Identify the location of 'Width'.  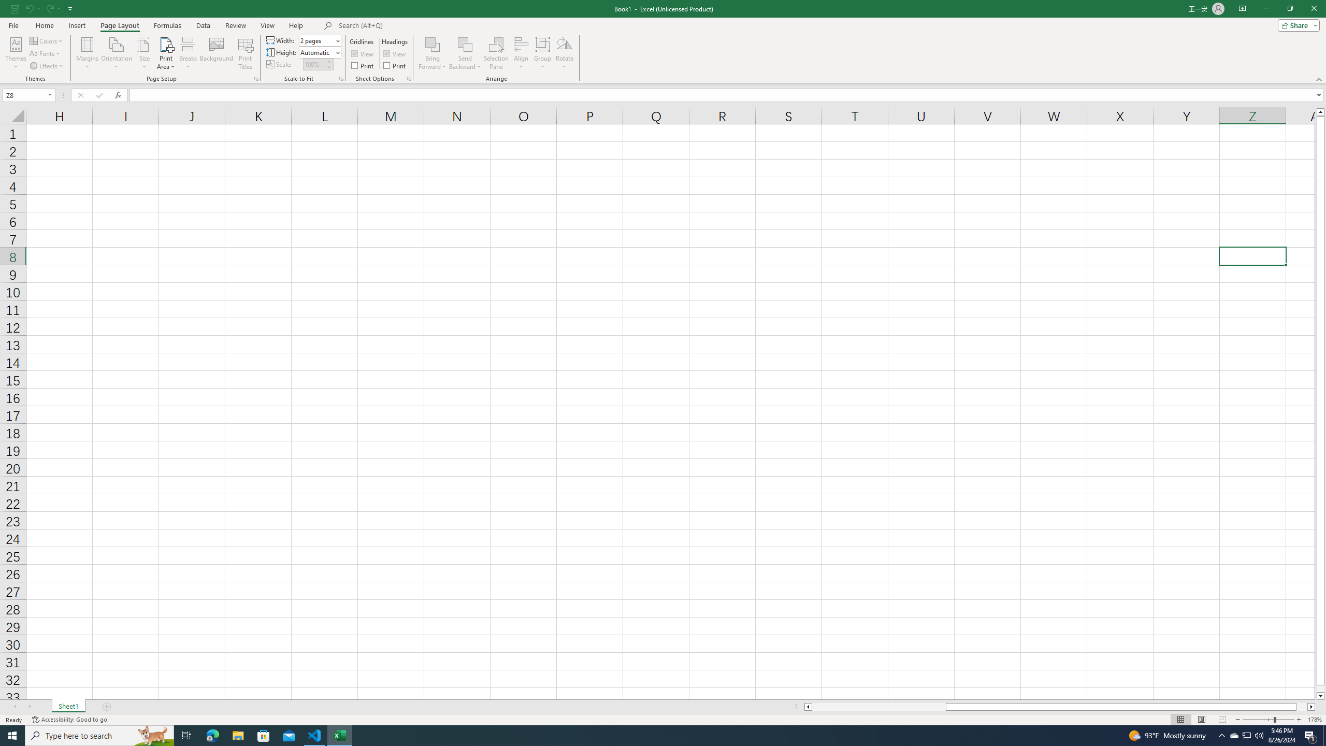
(316, 40).